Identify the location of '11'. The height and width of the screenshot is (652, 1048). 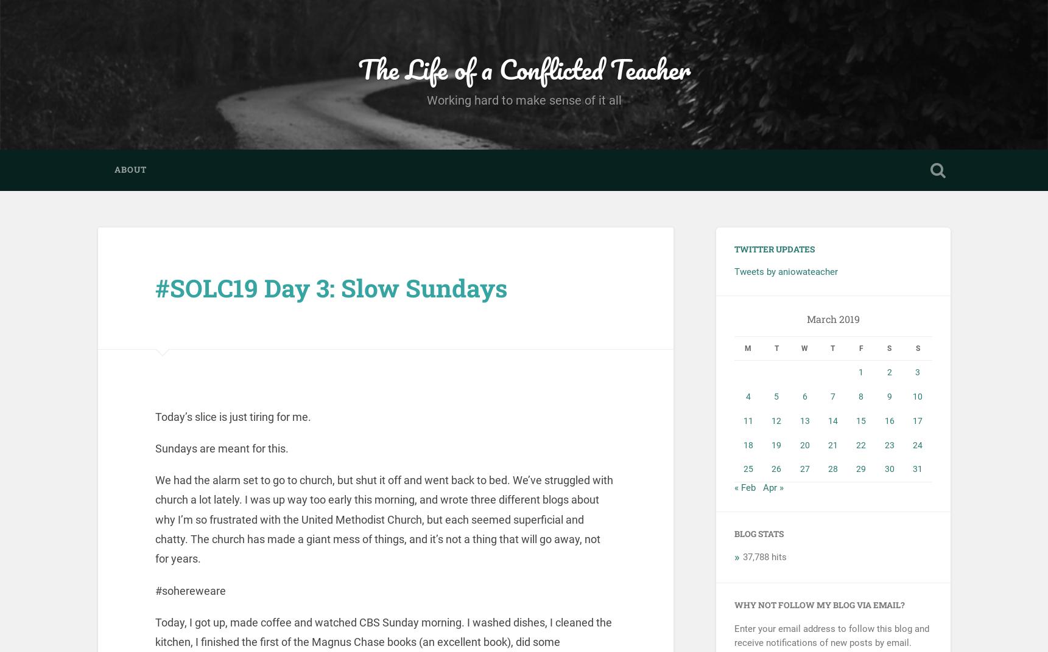
(747, 420).